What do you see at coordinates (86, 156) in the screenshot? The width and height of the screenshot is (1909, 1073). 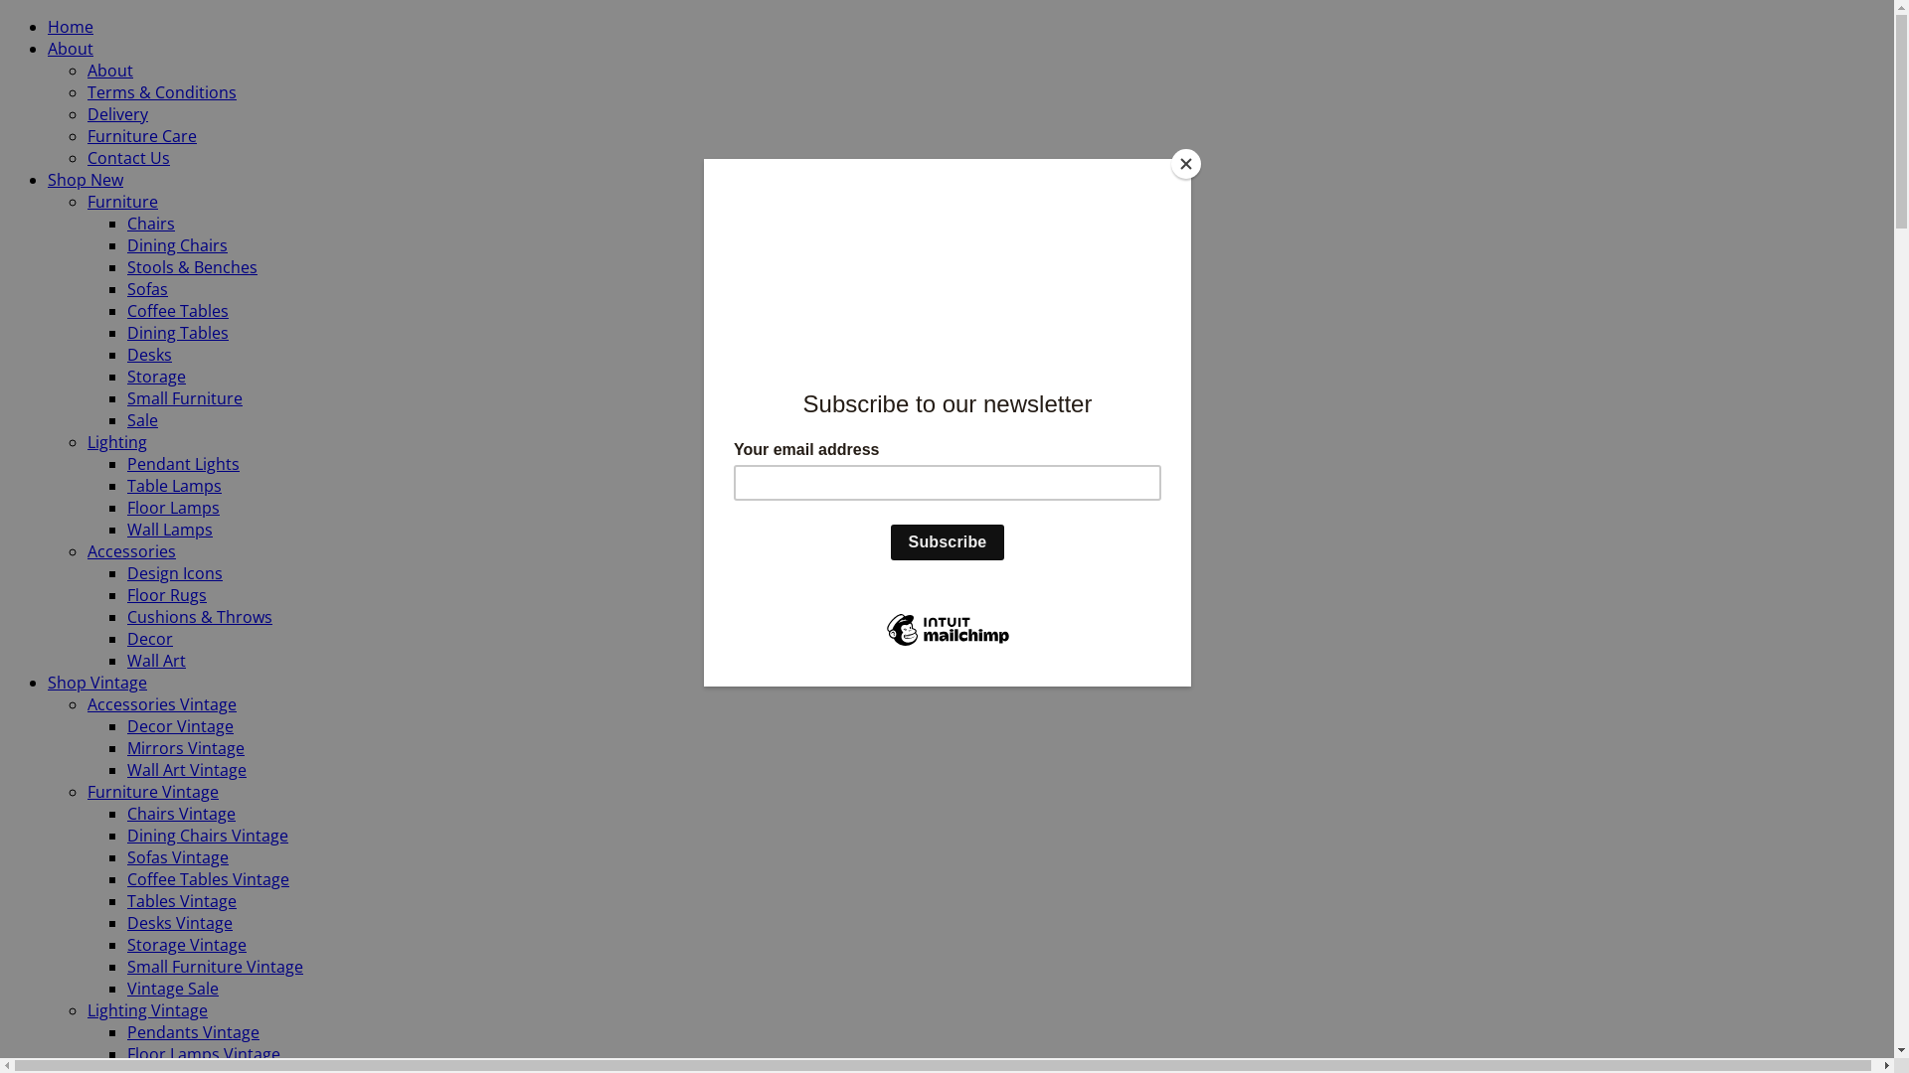 I see `'Contact Us'` at bounding box center [86, 156].